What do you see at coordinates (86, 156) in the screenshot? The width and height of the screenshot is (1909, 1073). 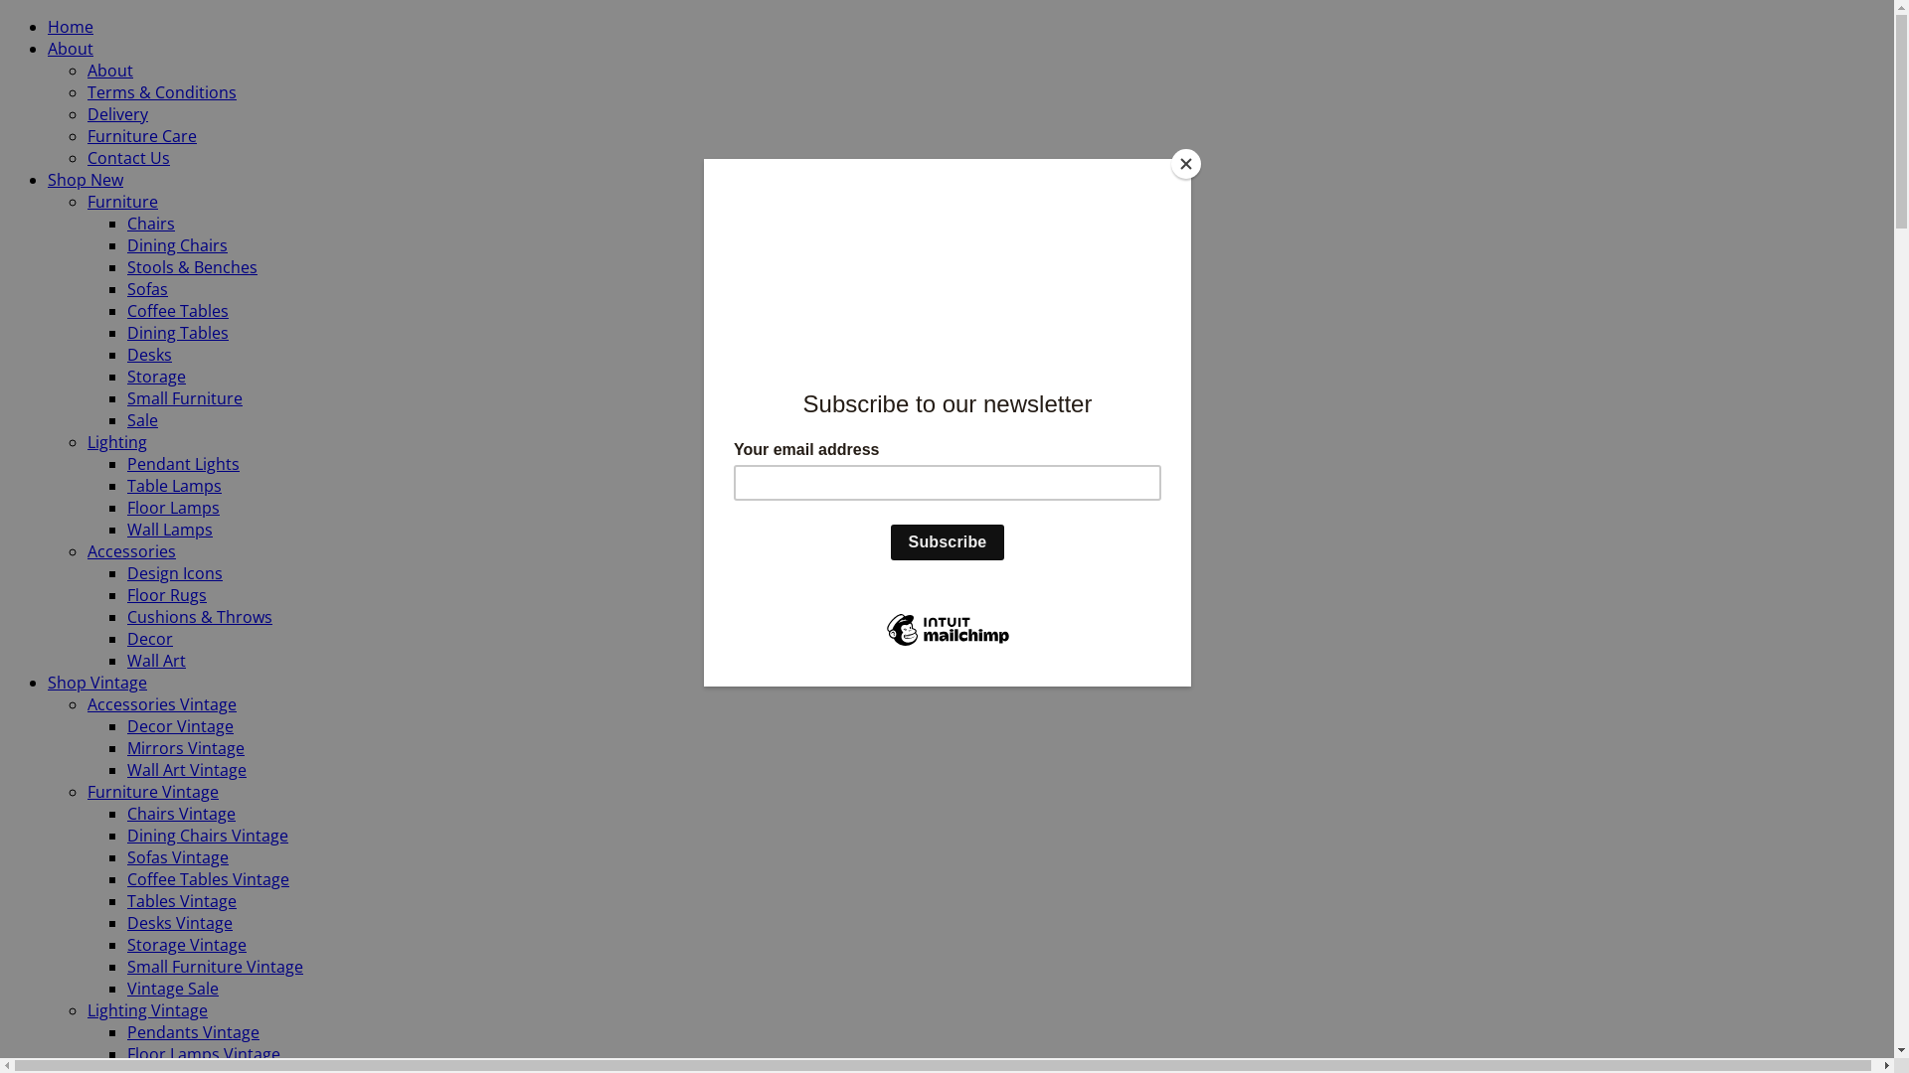 I see `'Contact Us'` at bounding box center [86, 156].